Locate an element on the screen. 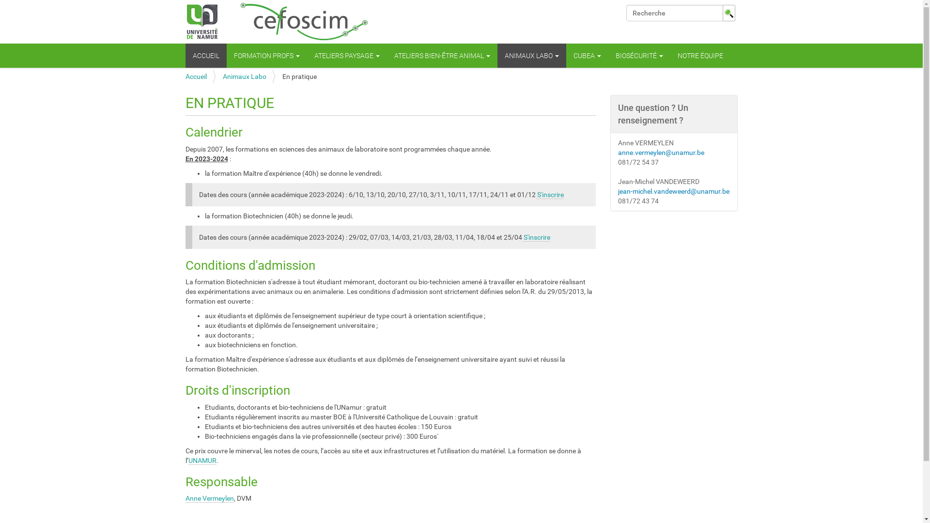 This screenshot has width=930, height=523. 'ATELIERS PAYSAGE' is located at coordinates (347, 56).